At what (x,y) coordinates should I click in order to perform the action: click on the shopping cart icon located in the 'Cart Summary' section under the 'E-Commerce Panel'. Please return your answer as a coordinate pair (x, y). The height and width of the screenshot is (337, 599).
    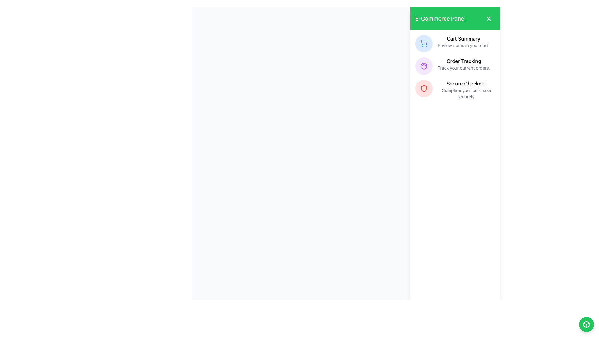
    Looking at the image, I should click on (424, 42).